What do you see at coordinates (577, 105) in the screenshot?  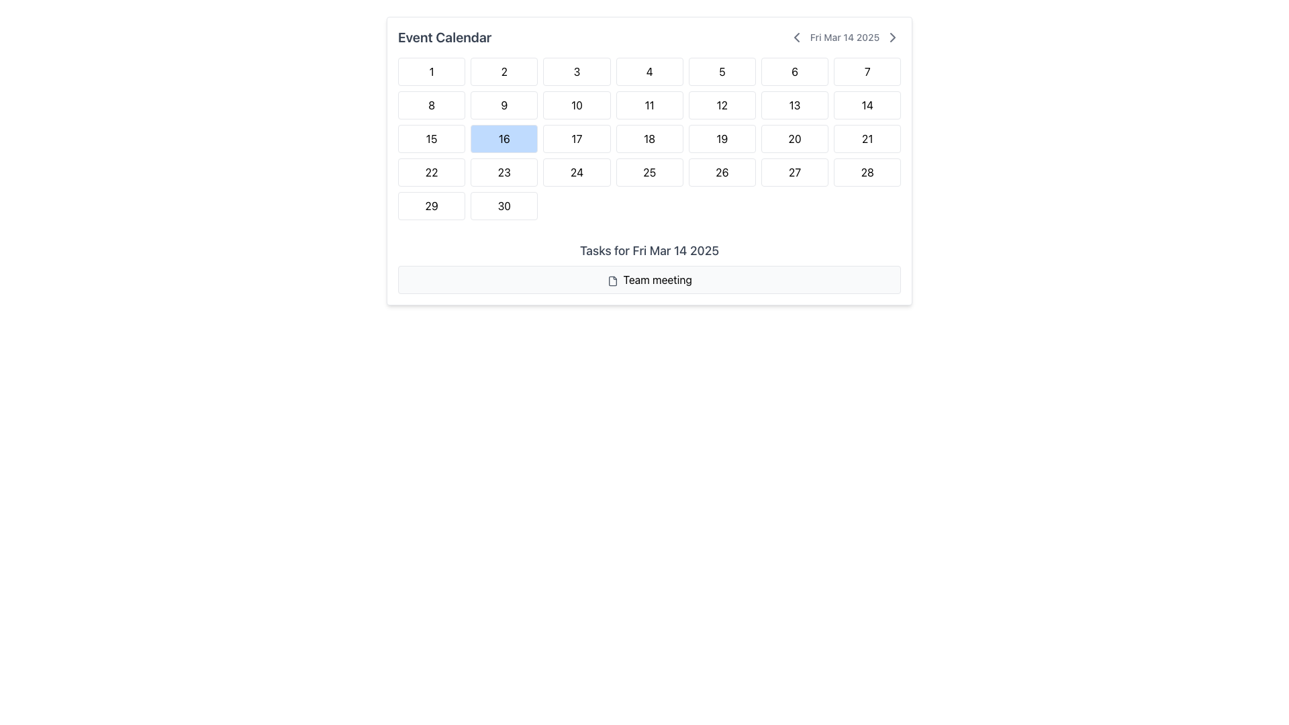 I see `the date selector button located in the second row and third column of the Event Calendar, positioned between buttons '9' and '11' horizontally, and below button '3' vertically to trigger potential hover effects` at bounding box center [577, 105].